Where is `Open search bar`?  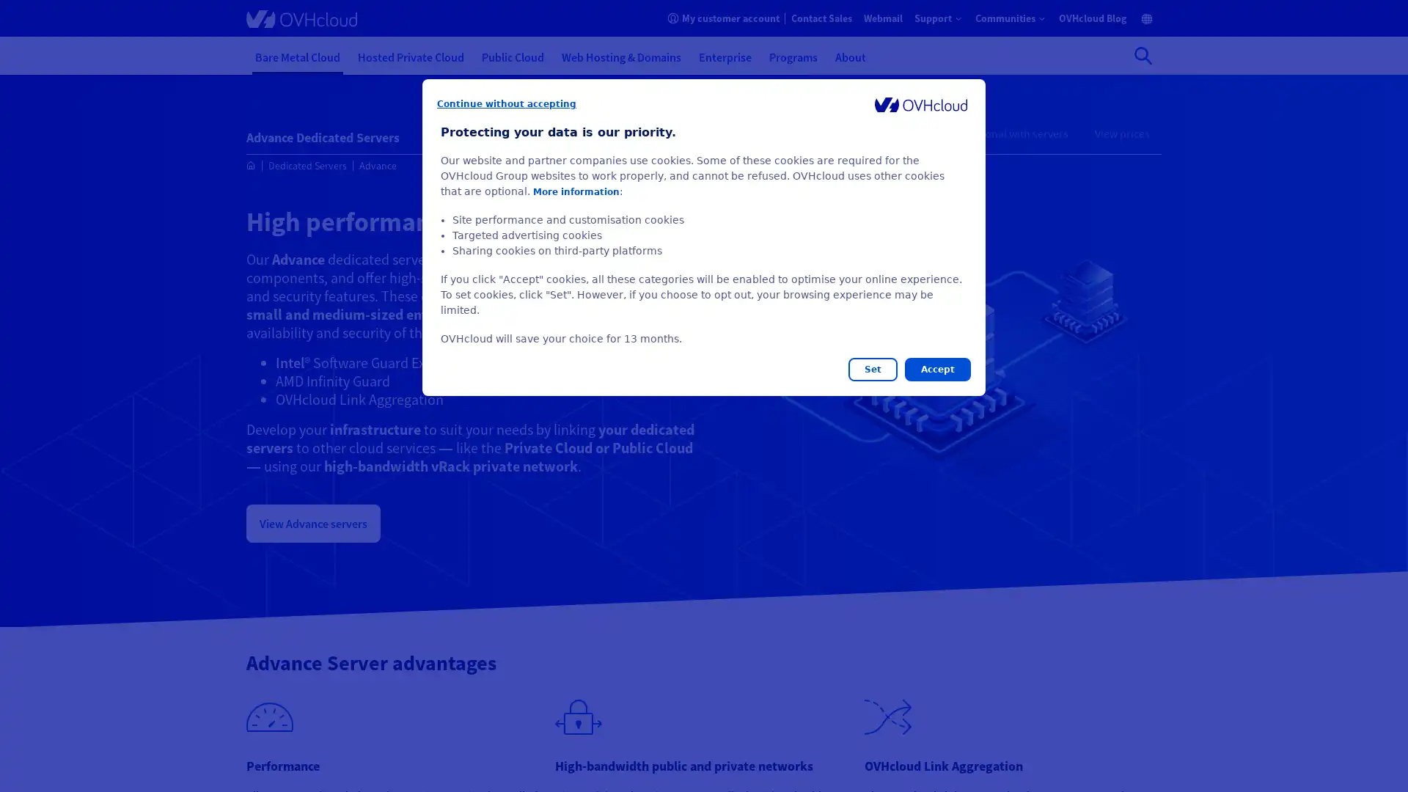 Open search bar is located at coordinates (1143, 55).